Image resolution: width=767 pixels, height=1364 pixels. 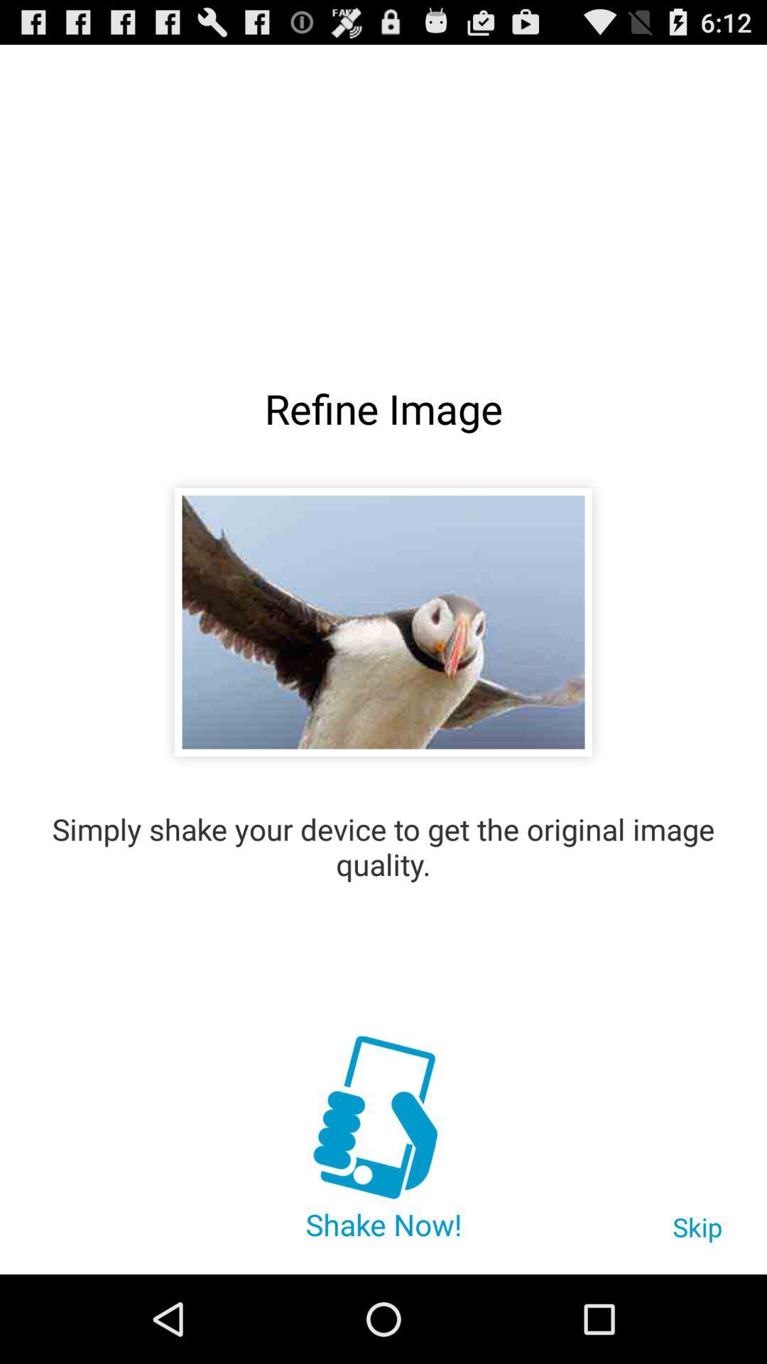 What do you see at coordinates (697, 1233) in the screenshot?
I see `the skip button` at bounding box center [697, 1233].